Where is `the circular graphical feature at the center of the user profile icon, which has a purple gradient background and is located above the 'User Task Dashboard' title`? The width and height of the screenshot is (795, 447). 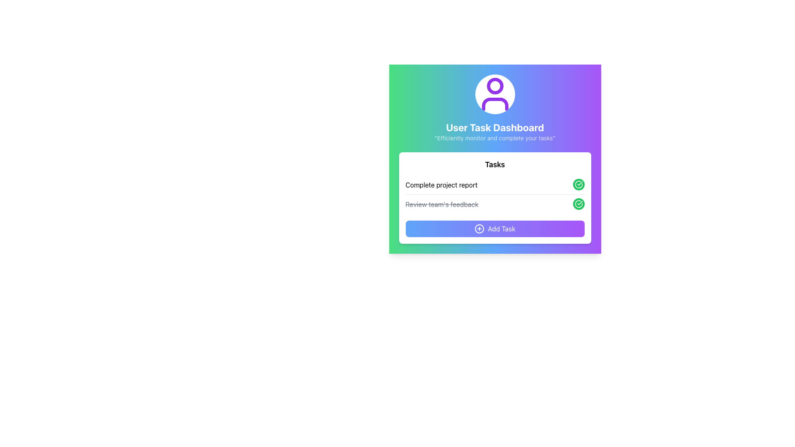
the circular graphical feature at the center of the user profile icon, which has a purple gradient background and is located above the 'User Task Dashboard' title is located at coordinates (495, 86).